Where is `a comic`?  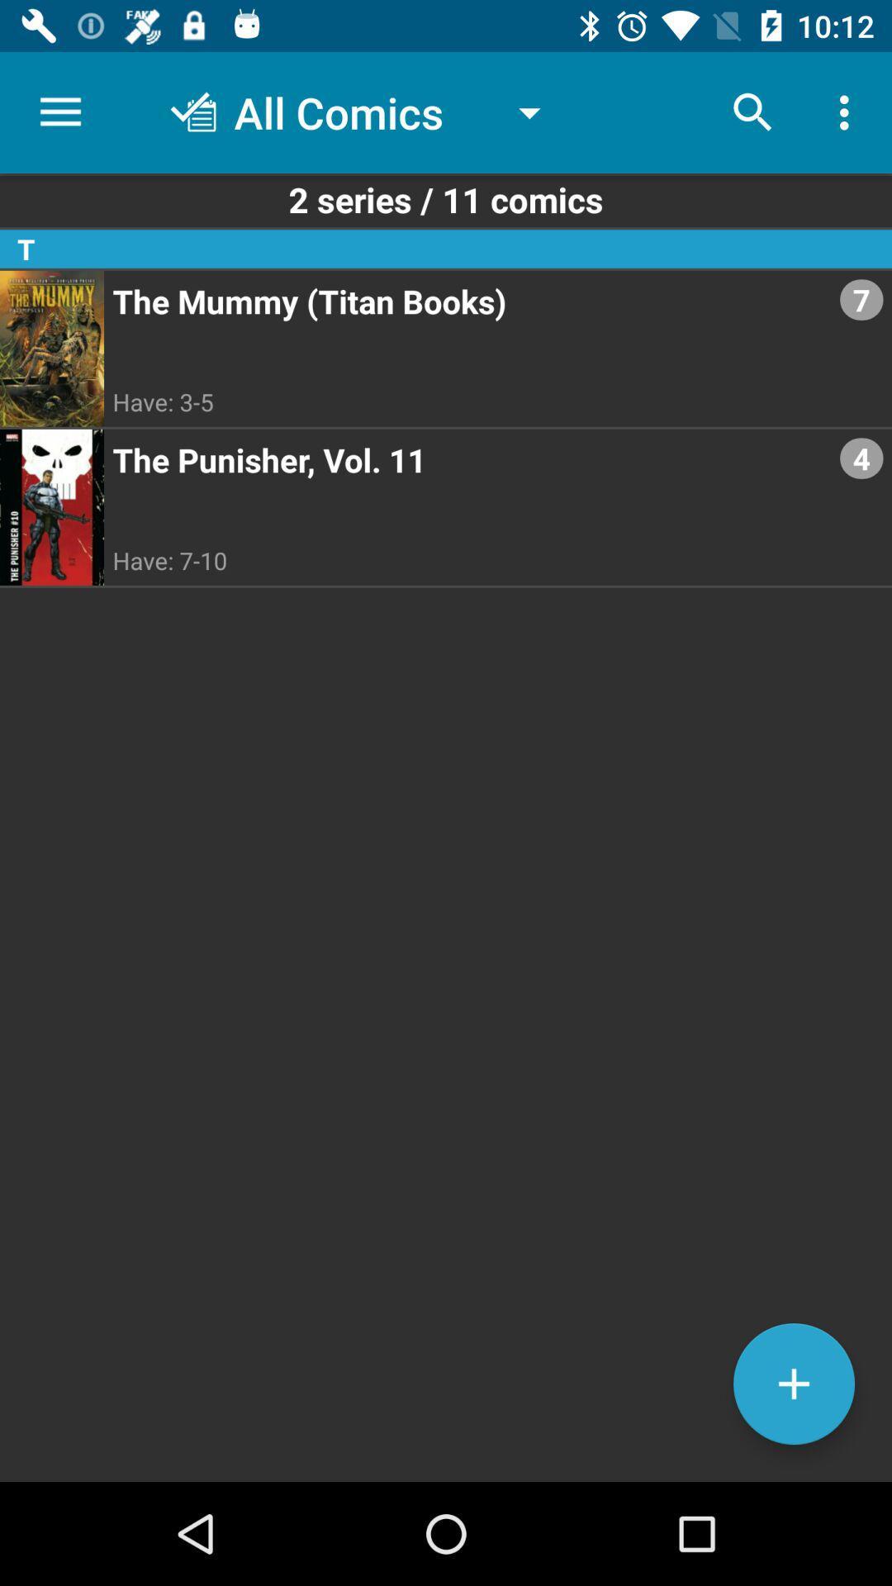
a comic is located at coordinates (793, 1384).